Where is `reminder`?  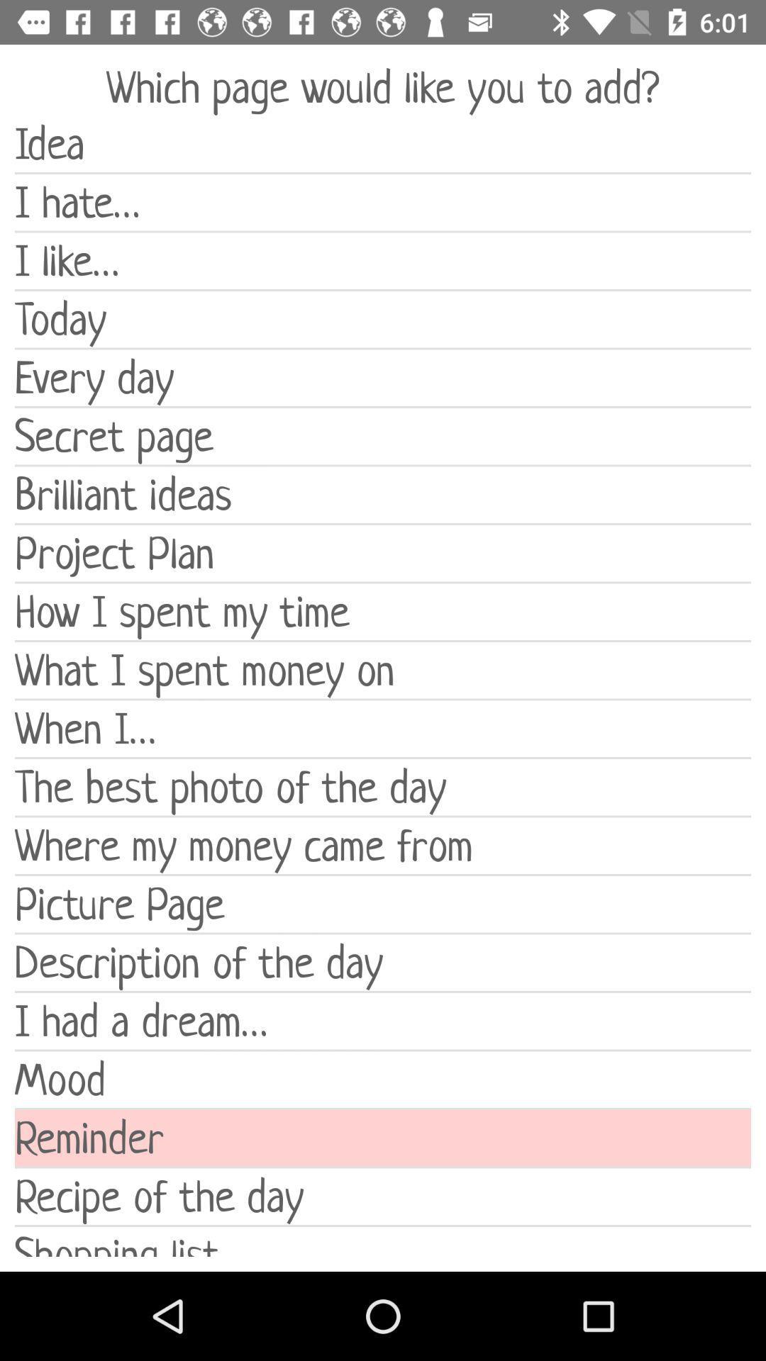
reminder is located at coordinates (383, 1138).